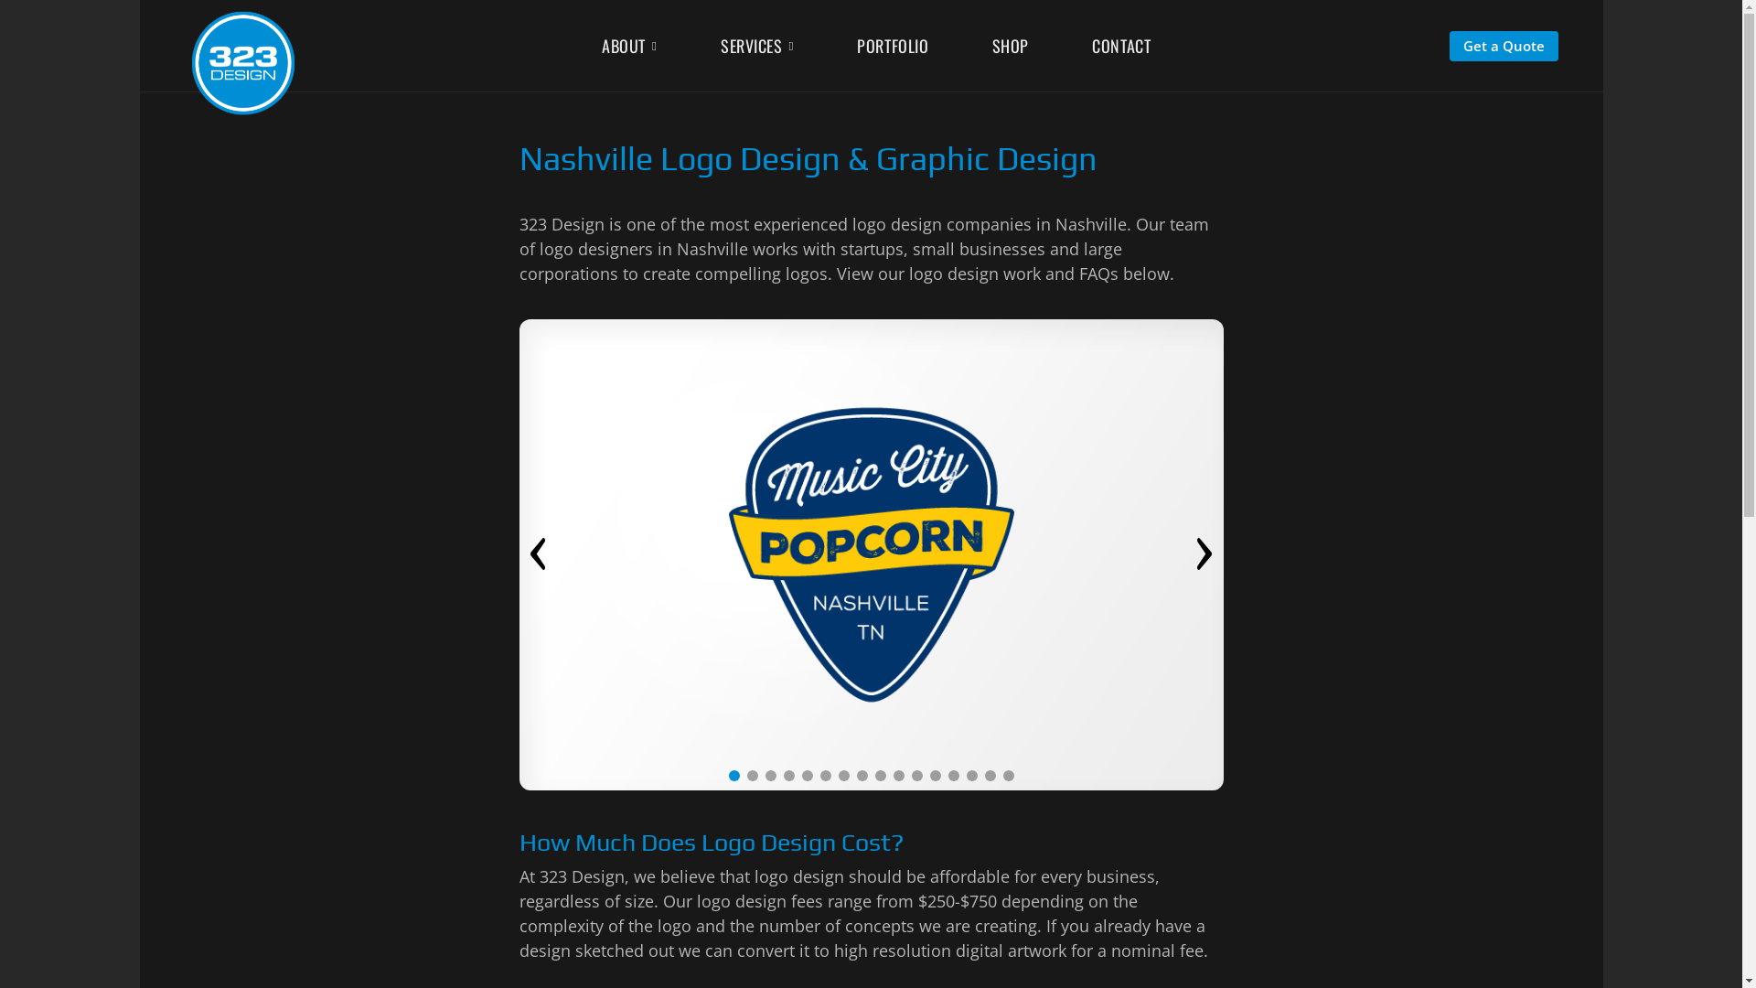 The width and height of the screenshot is (1756, 988). I want to click on '13', so click(948, 776).